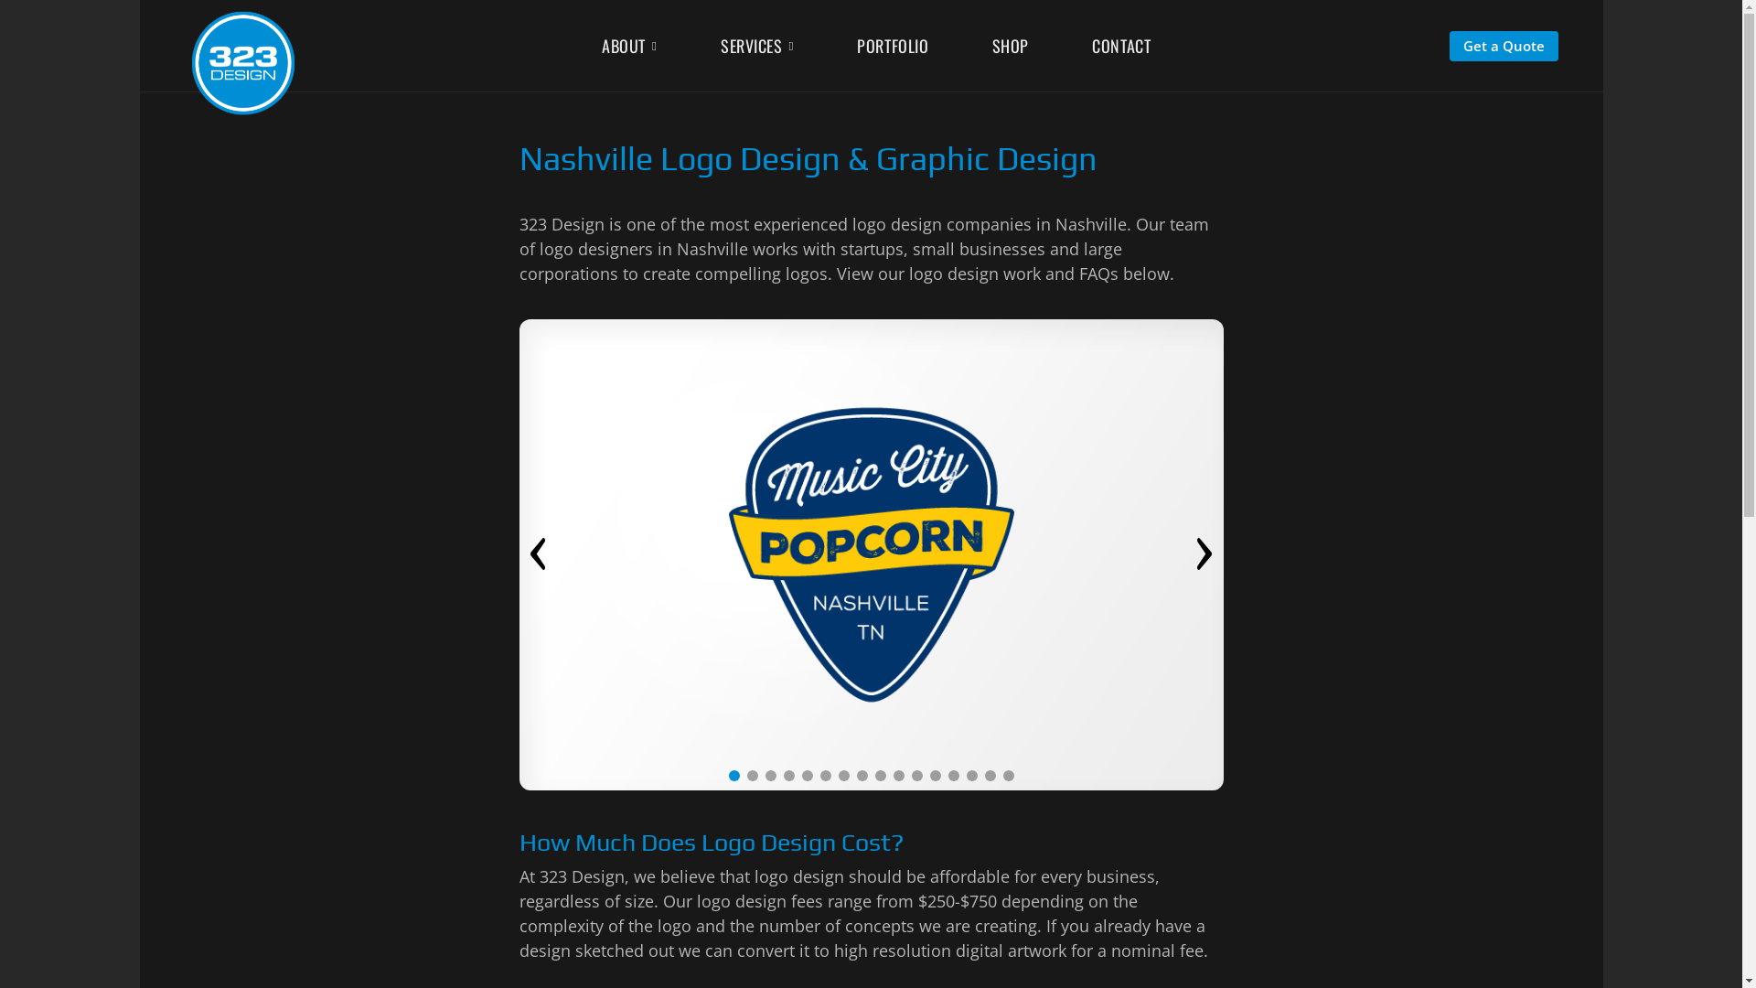 The width and height of the screenshot is (1756, 988). I want to click on '13', so click(948, 776).